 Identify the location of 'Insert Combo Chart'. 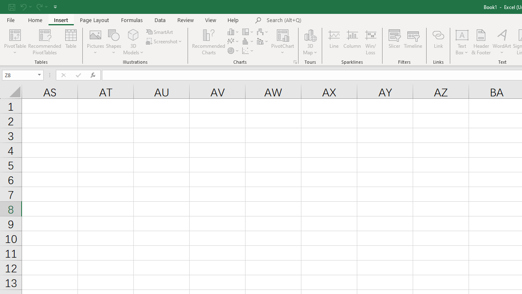
(263, 41).